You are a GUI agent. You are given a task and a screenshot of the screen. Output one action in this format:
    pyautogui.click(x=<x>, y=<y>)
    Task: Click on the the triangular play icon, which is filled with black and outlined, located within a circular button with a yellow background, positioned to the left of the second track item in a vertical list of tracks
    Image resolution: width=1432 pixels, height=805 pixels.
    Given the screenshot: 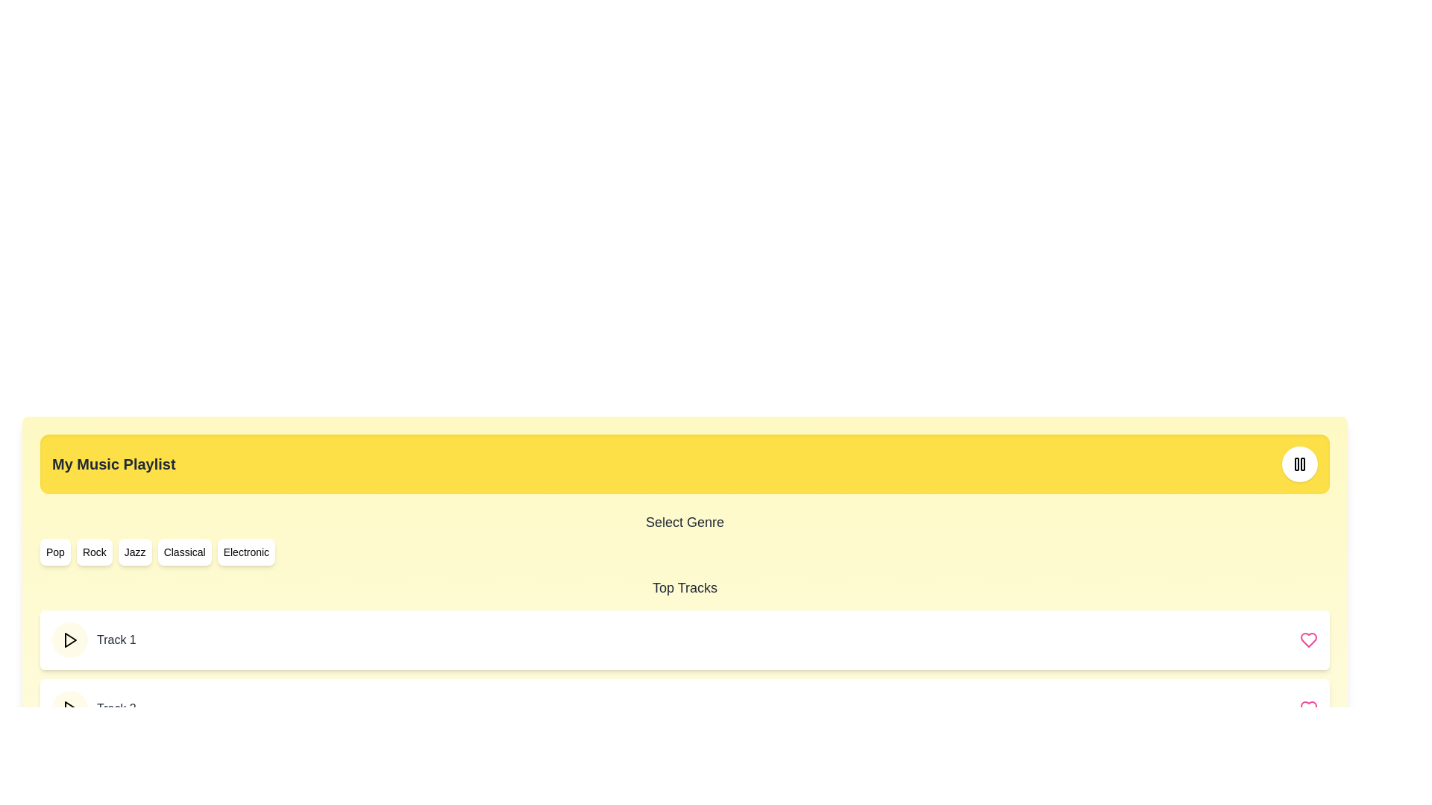 What is the action you would take?
    pyautogui.click(x=69, y=708)
    